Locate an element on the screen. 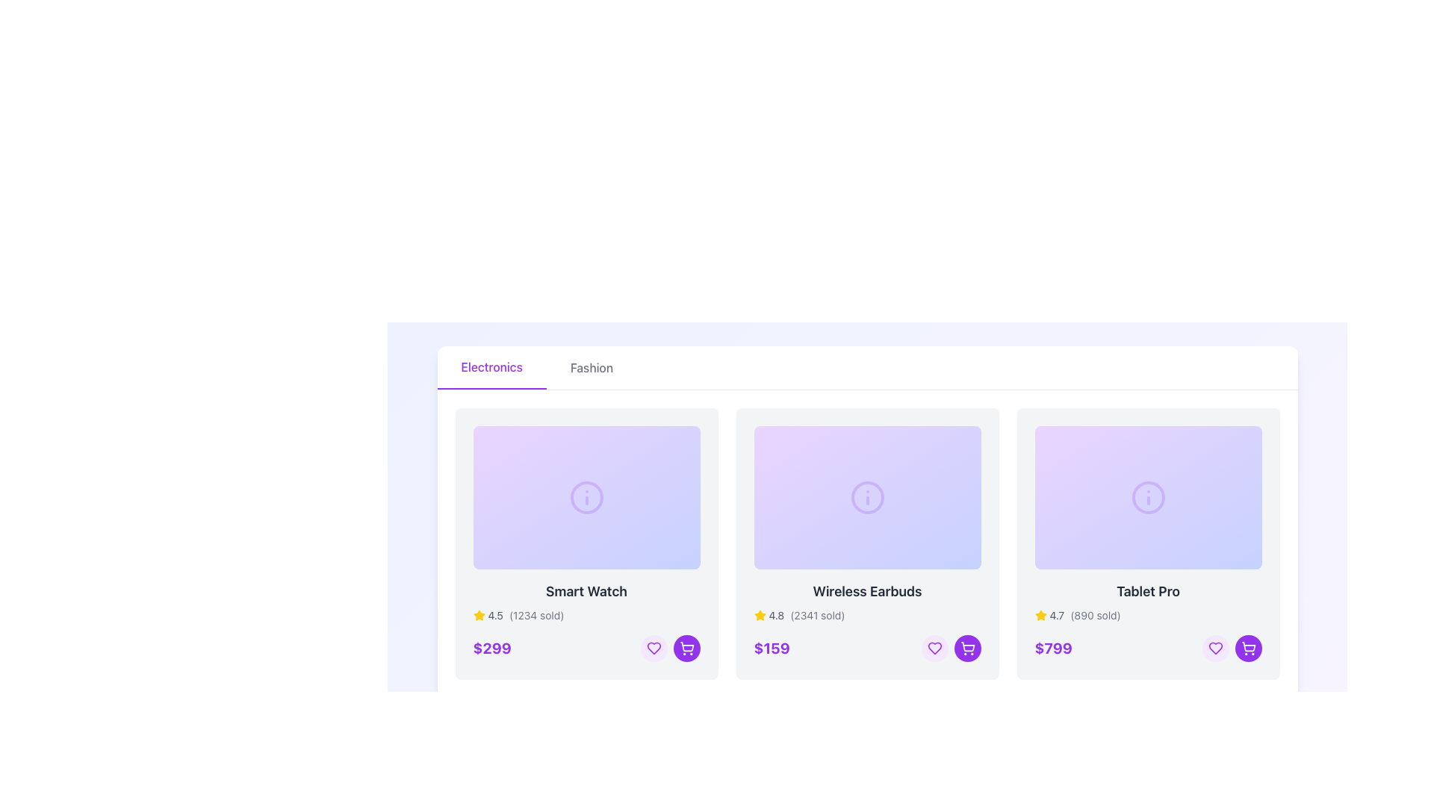 This screenshot has height=806, width=1434. the 'Smart Watch' text label, which is displayed in bold dark gray font and centrally located within the product card, just below the image section is located at coordinates (586, 591).